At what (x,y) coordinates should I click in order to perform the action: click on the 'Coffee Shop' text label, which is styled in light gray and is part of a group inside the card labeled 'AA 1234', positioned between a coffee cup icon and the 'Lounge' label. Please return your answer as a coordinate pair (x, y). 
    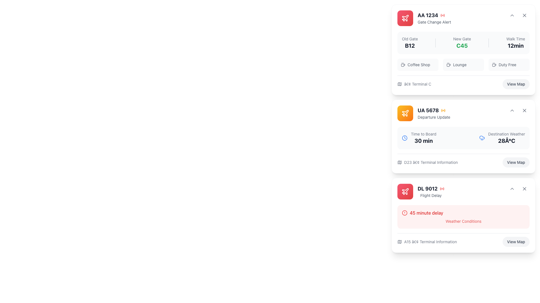
    Looking at the image, I should click on (419, 65).